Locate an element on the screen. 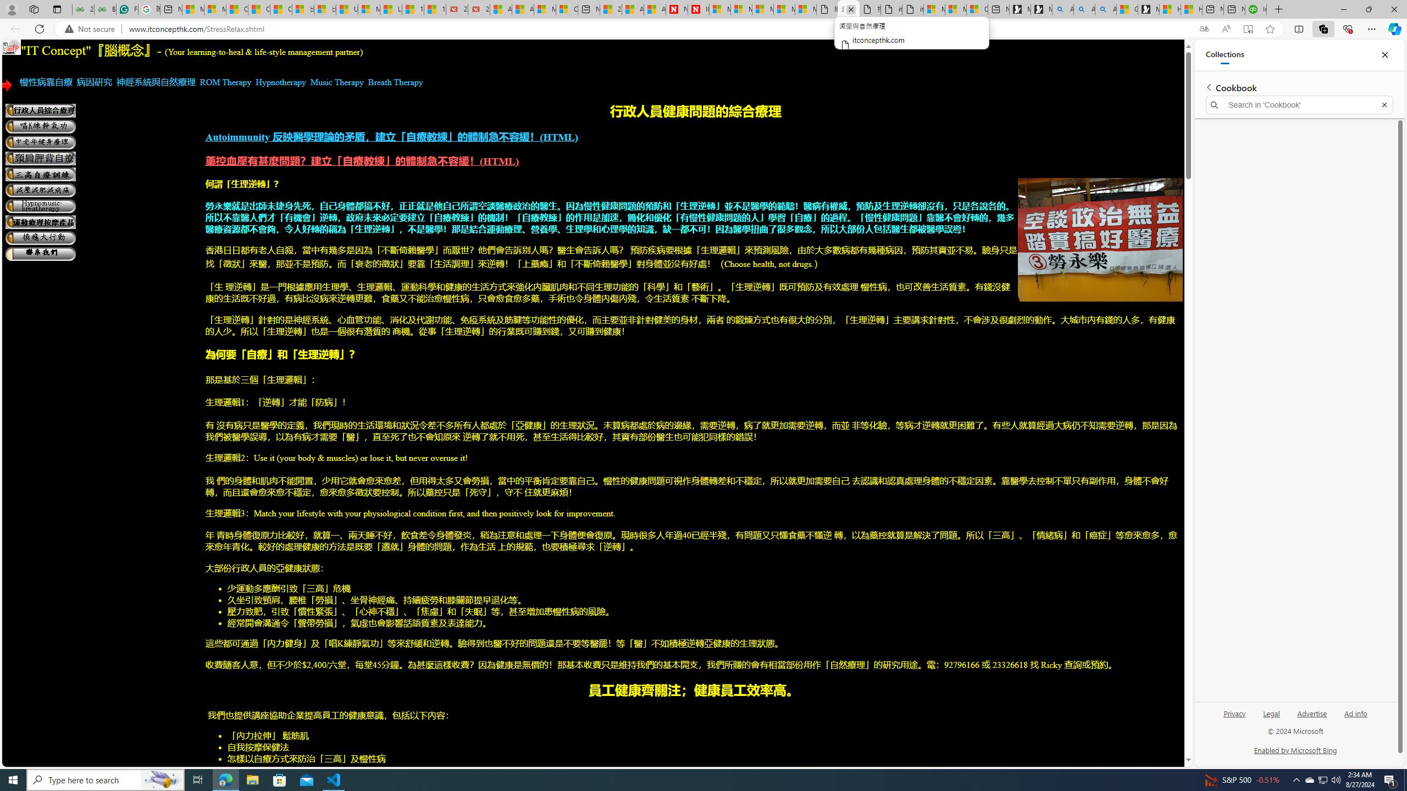 The height and width of the screenshot is (791, 1407). 'Not secure' is located at coordinates (92, 29).